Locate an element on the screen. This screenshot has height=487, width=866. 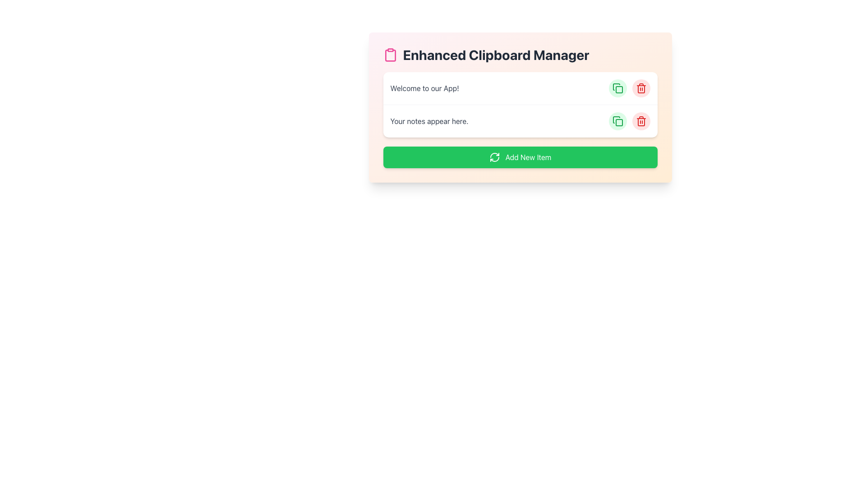
the green copy icon located on the right side of the content row above the 'Add New Item' button to copy is located at coordinates (617, 88).